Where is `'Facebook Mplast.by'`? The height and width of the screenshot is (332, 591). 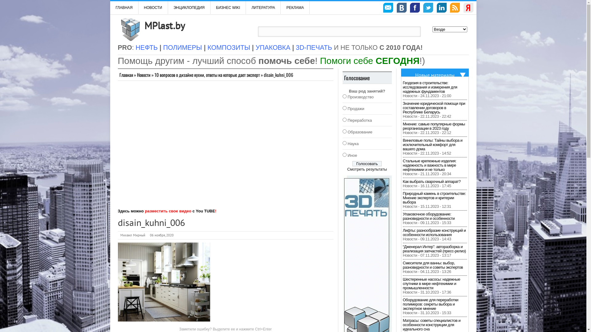 'Facebook Mplast.by' is located at coordinates (415, 8).